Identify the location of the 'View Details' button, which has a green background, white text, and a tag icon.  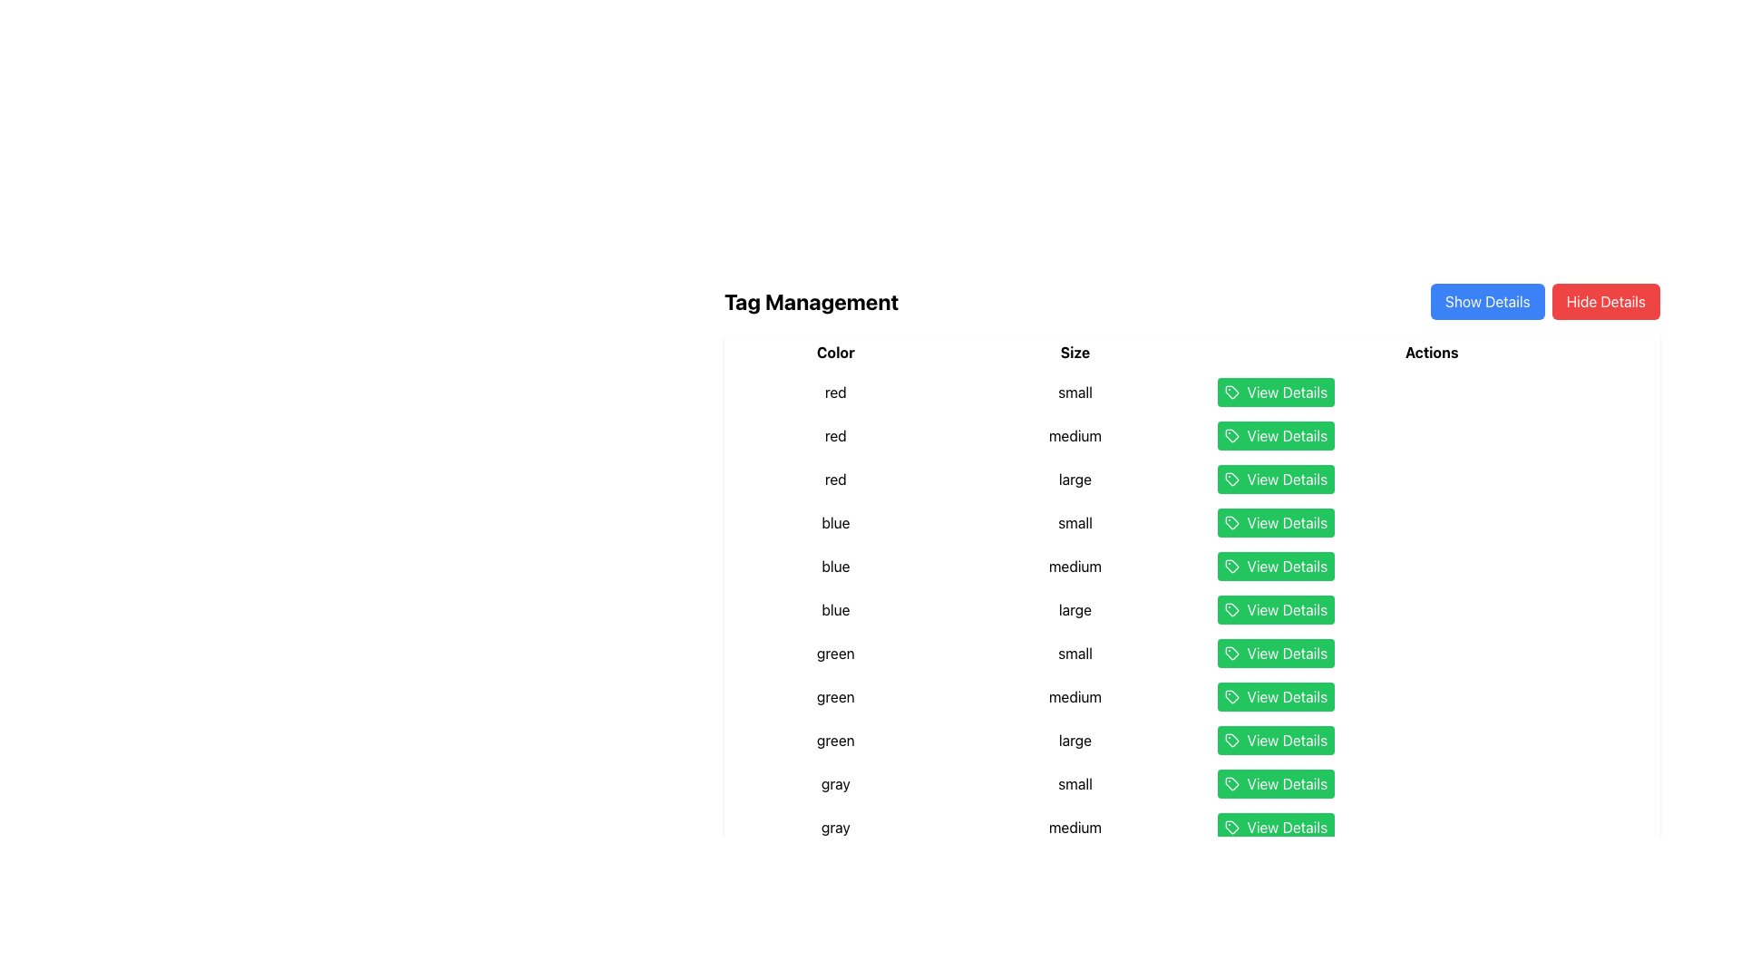
(1275, 391).